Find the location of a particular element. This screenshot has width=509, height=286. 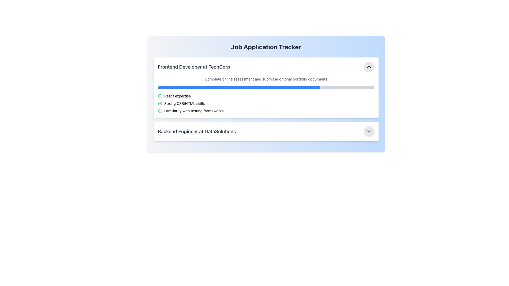

the circular green checkmark icon located to the left of the text 'Strong CSS/HTML skills' in the job requirements list for the 'Frontend Developer at TechCorp' position is located at coordinates (160, 103).